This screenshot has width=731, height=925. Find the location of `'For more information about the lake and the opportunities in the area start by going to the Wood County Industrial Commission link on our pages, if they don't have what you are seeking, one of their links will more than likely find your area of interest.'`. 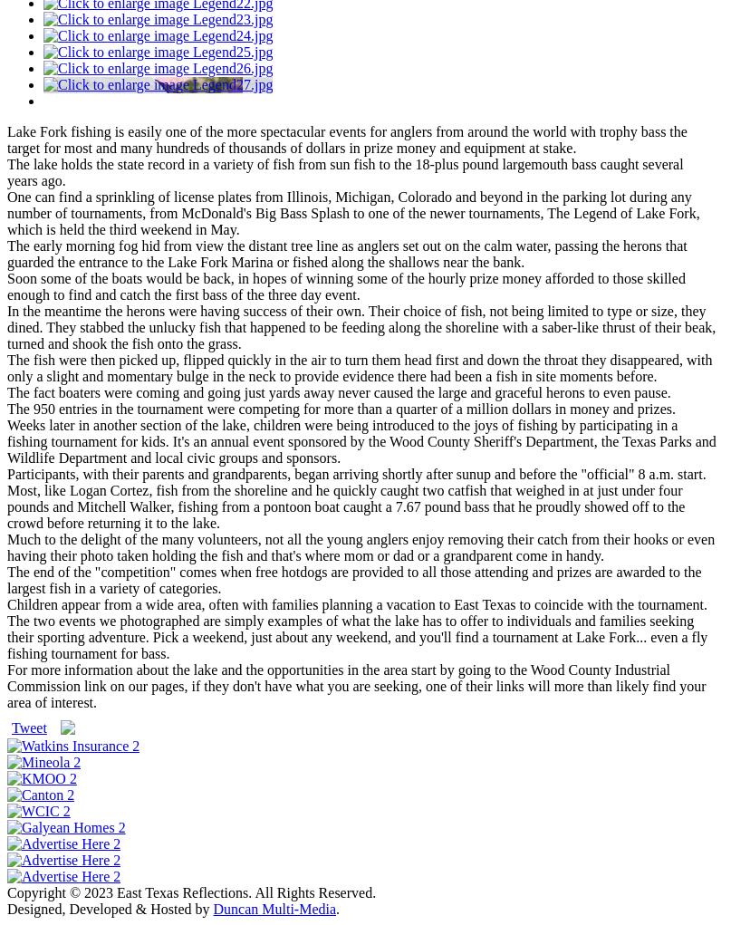

'For more information about the lake and the opportunities in the area start by going to the Wood County Industrial Commission link on our pages, if they don't have what you are seeking, one of their links will more than likely find your area of interest.' is located at coordinates (356, 685).